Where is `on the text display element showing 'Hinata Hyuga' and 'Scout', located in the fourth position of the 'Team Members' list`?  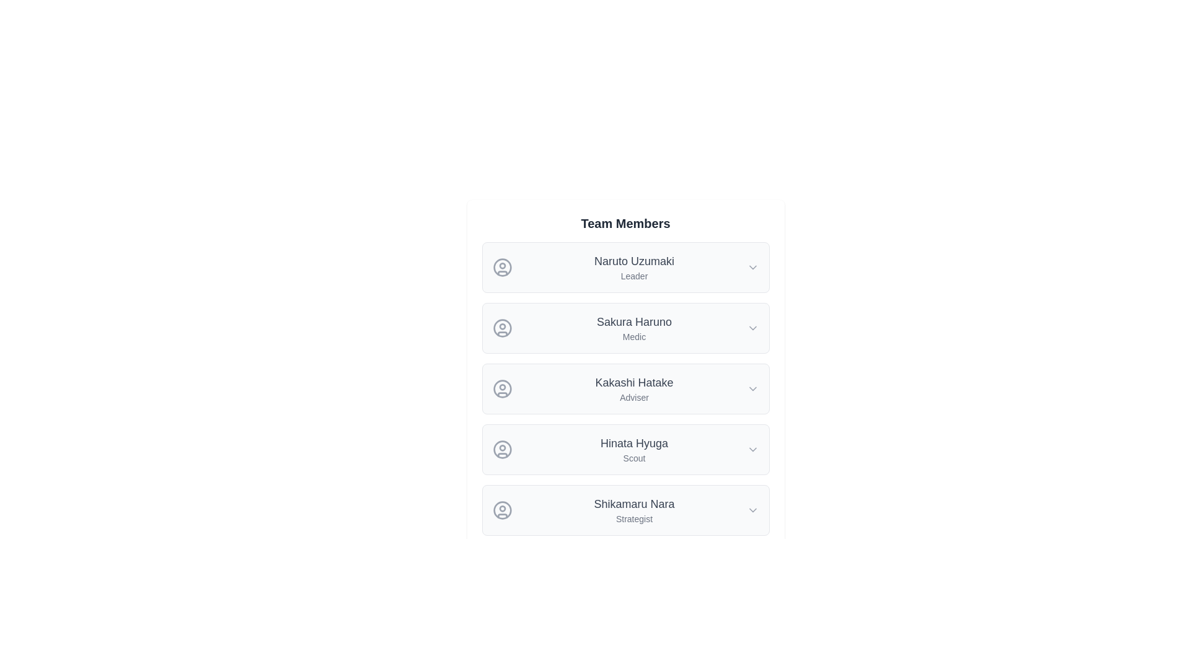
on the text display element showing 'Hinata Hyuga' and 'Scout', located in the fourth position of the 'Team Members' list is located at coordinates (634, 449).